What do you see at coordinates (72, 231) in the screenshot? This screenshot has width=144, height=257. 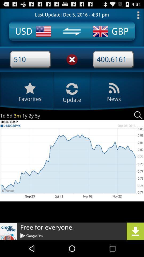 I see `icon` at bounding box center [72, 231].